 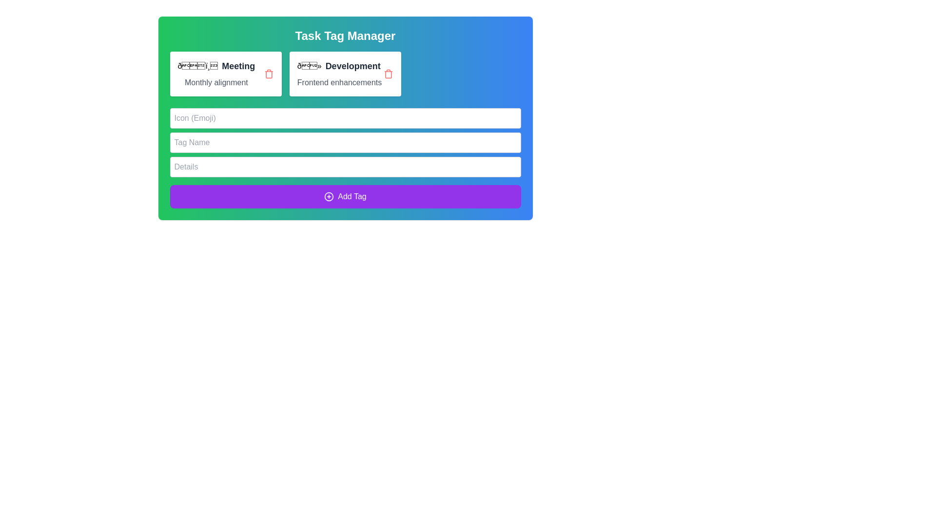 What do you see at coordinates (345, 197) in the screenshot?
I see `the 'Add Tag' button, which is a rectangular button with a vibrant purple background and white text, located at the bottom of the form` at bounding box center [345, 197].